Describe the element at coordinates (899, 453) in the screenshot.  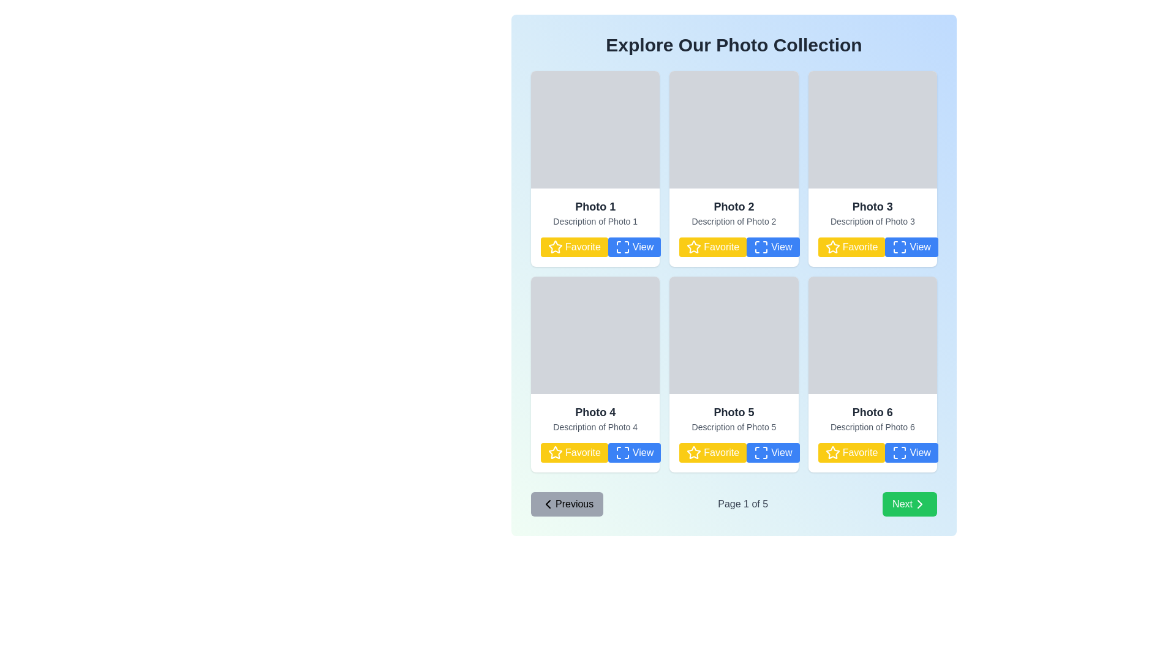
I see `the maximize icon located within the blue 'View' button at the left end, associated with 'Photo 6' in the grid layout` at that location.